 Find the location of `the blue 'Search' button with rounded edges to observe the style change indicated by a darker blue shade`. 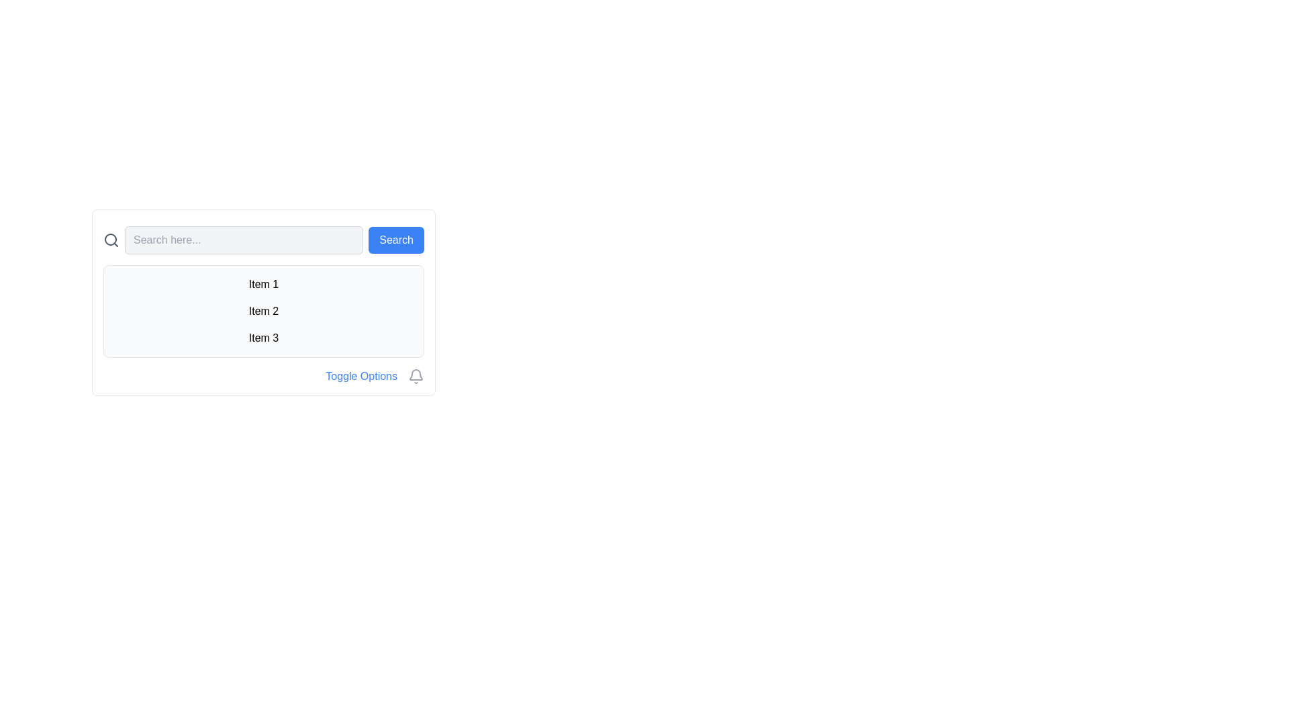

the blue 'Search' button with rounded edges to observe the style change indicated by a darker blue shade is located at coordinates (395, 240).